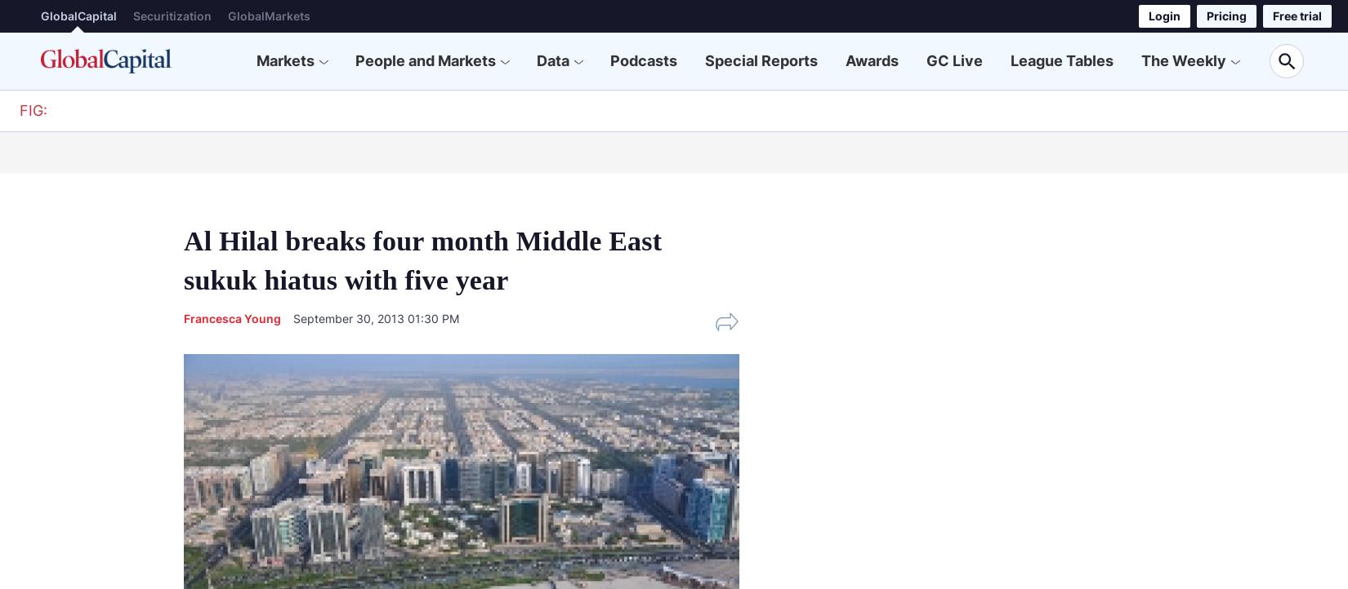 This screenshot has height=589, width=1348. I want to click on 'Bank Strategy', so click(430, 149).